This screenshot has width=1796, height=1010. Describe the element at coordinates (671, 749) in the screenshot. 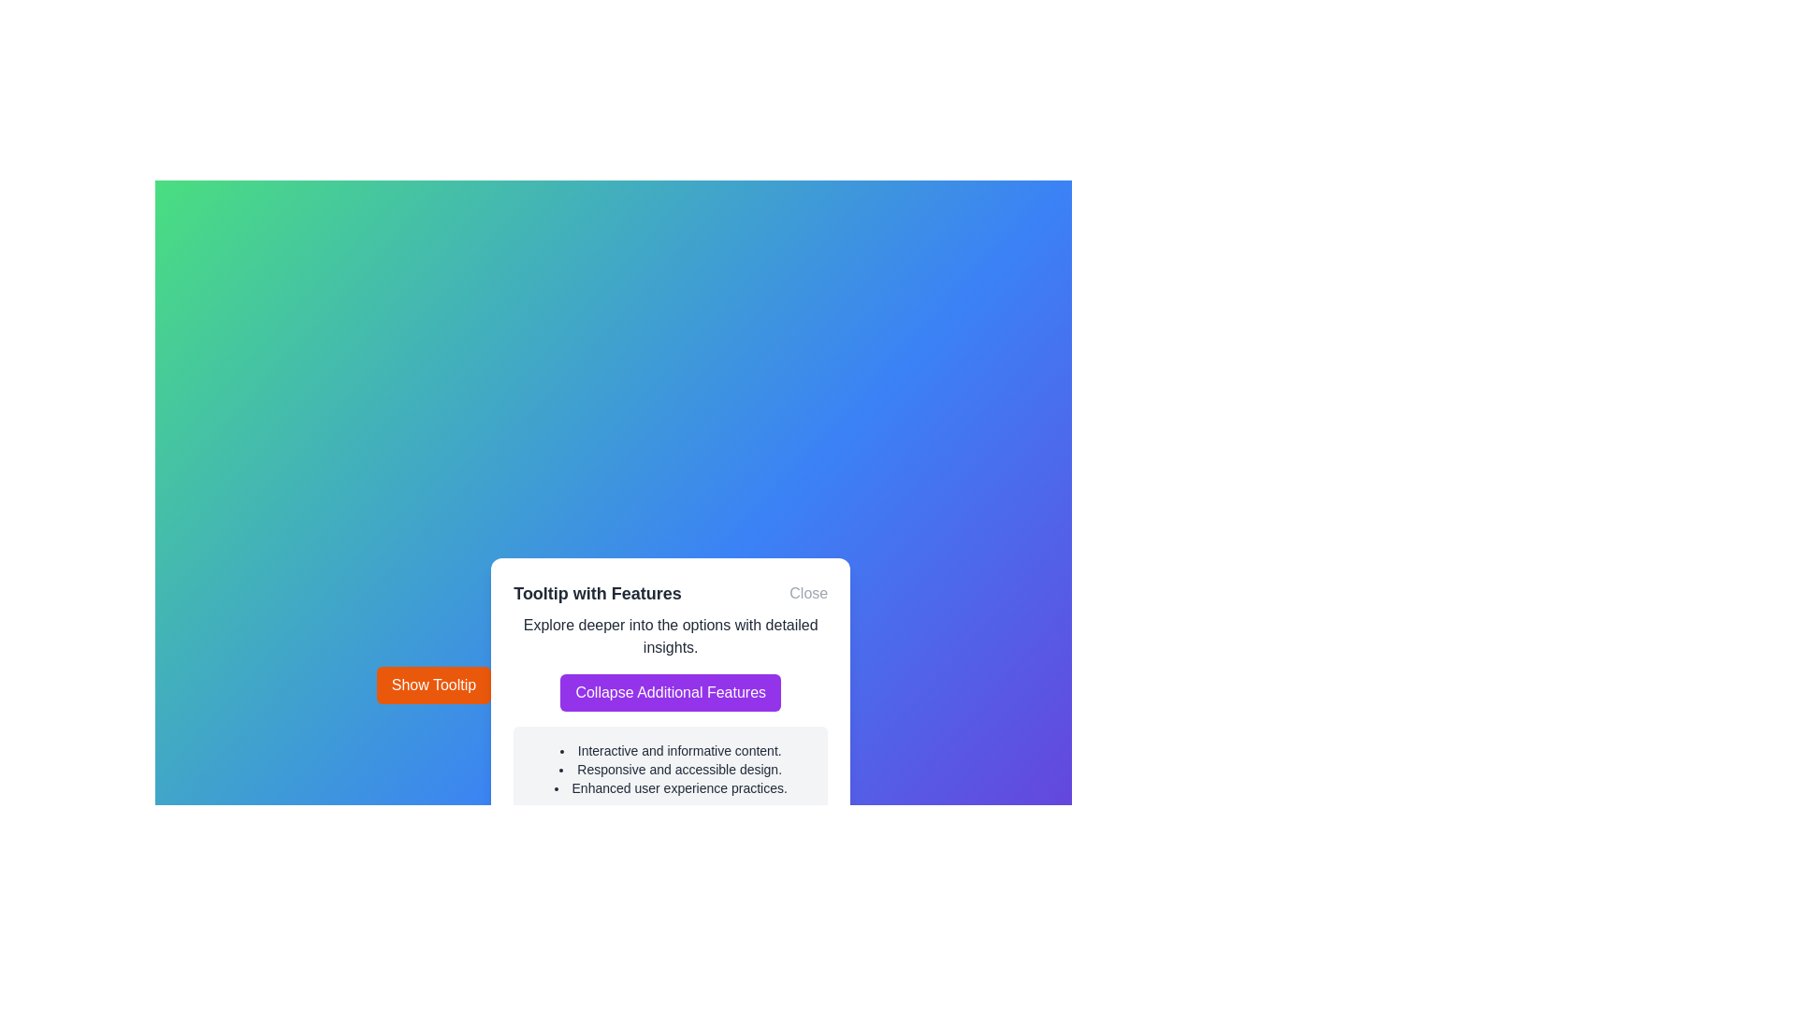

I see `the first Text List Item in the 'Tooltip with Features'` at that location.